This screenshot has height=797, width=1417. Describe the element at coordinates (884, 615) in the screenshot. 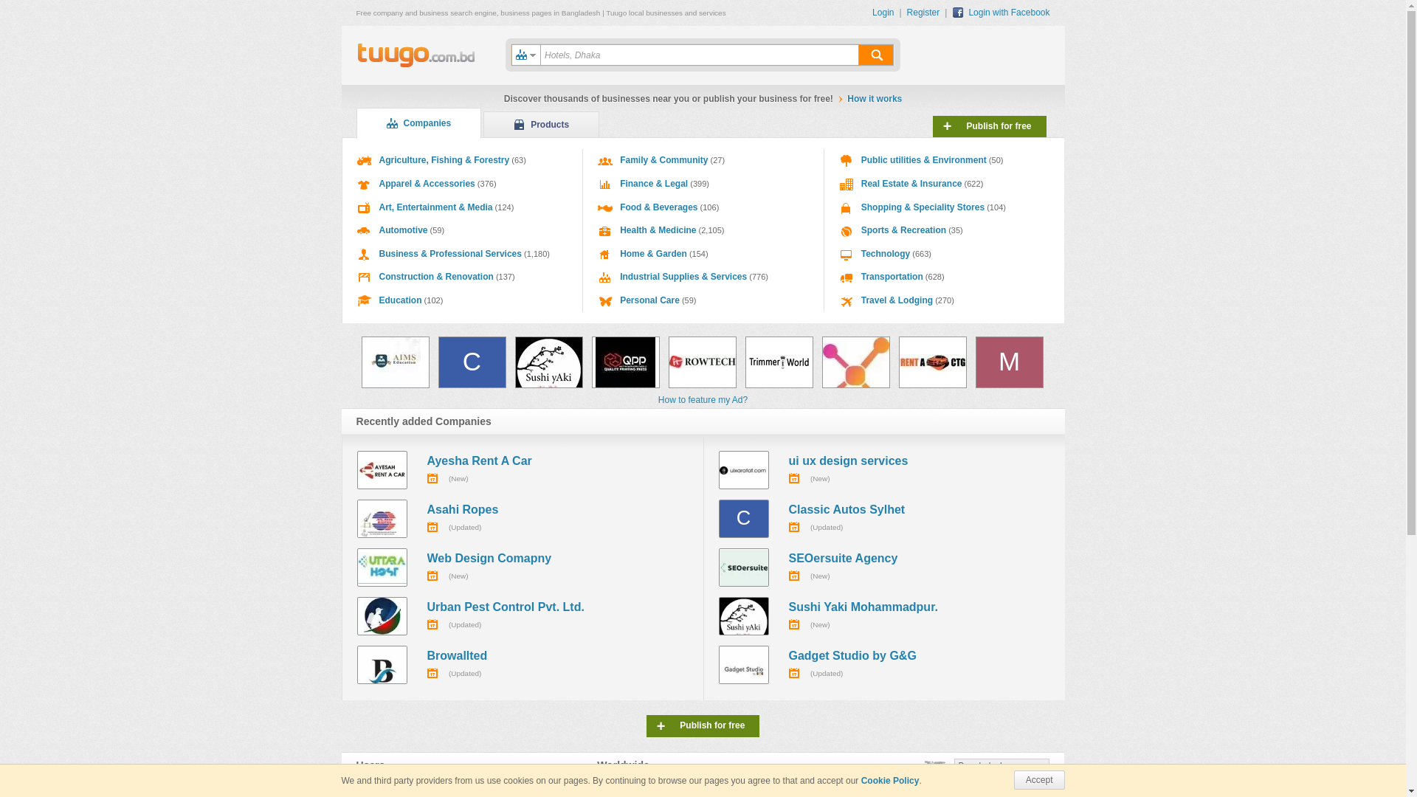

I see `'Sushi Yaki Mohammadpur.` at that location.